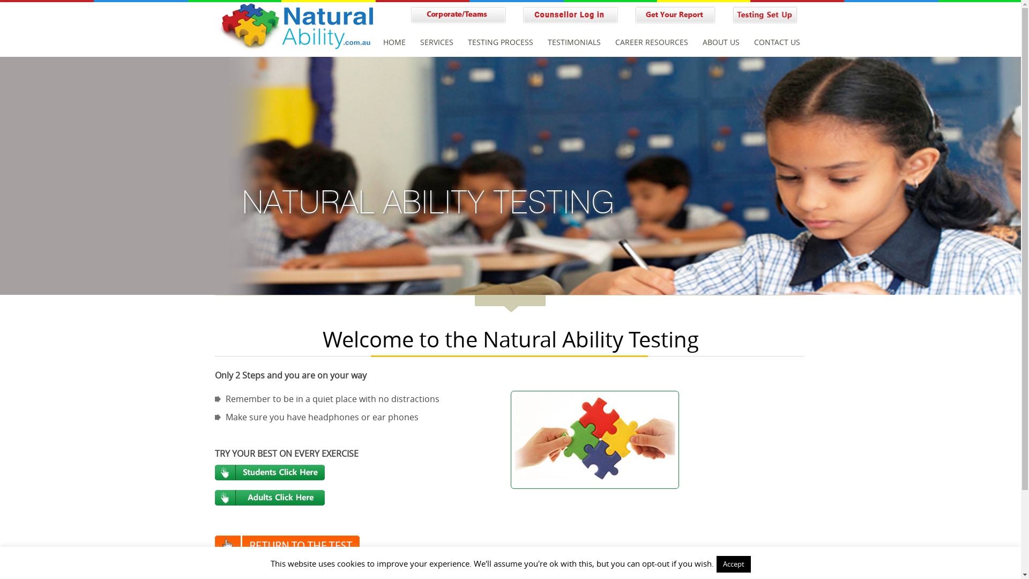  What do you see at coordinates (720, 41) in the screenshot?
I see `'ABOUT US'` at bounding box center [720, 41].